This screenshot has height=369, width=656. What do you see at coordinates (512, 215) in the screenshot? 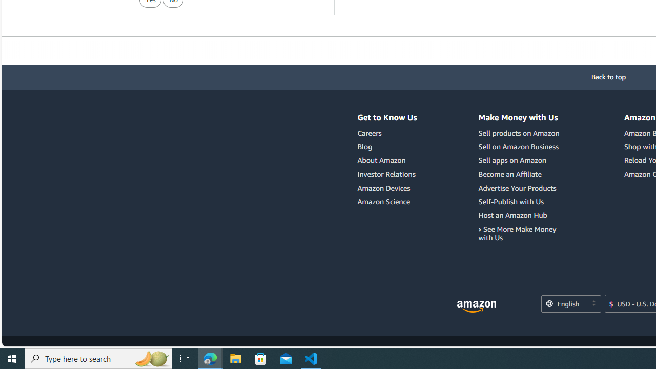
I see `'Host an Amazon Hub'` at bounding box center [512, 215].